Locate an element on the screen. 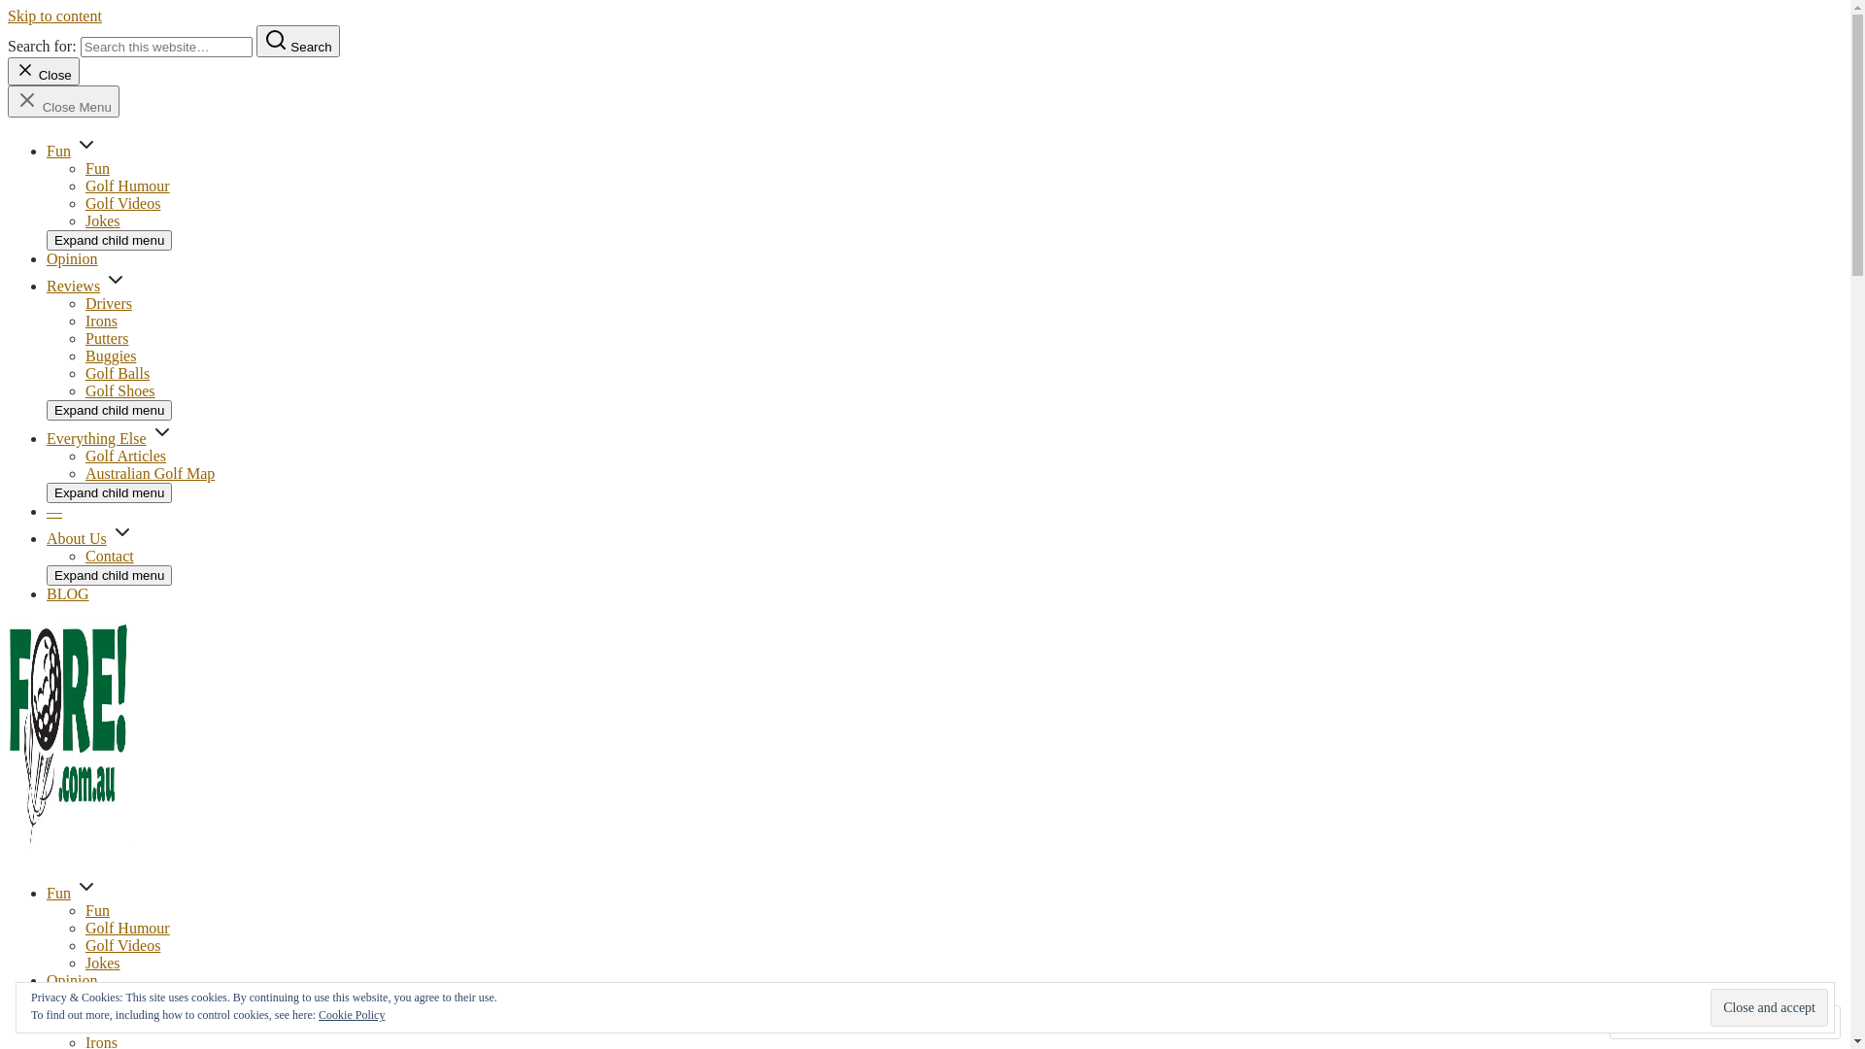 The width and height of the screenshot is (1865, 1049). 'Expand child menu' is located at coordinates (108, 239).